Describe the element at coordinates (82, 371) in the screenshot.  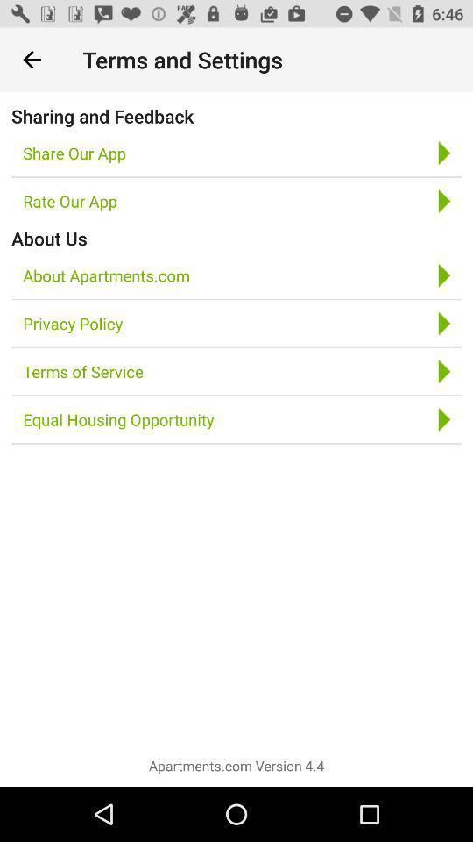
I see `icon above the equal housing opportunity icon` at that location.